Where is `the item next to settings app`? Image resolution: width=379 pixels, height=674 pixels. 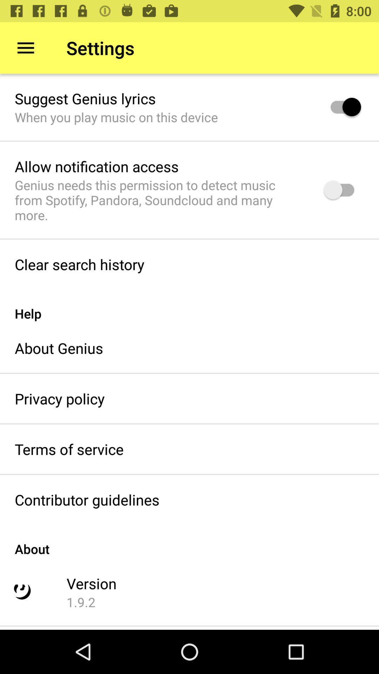
the item next to settings app is located at coordinates (25, 47).